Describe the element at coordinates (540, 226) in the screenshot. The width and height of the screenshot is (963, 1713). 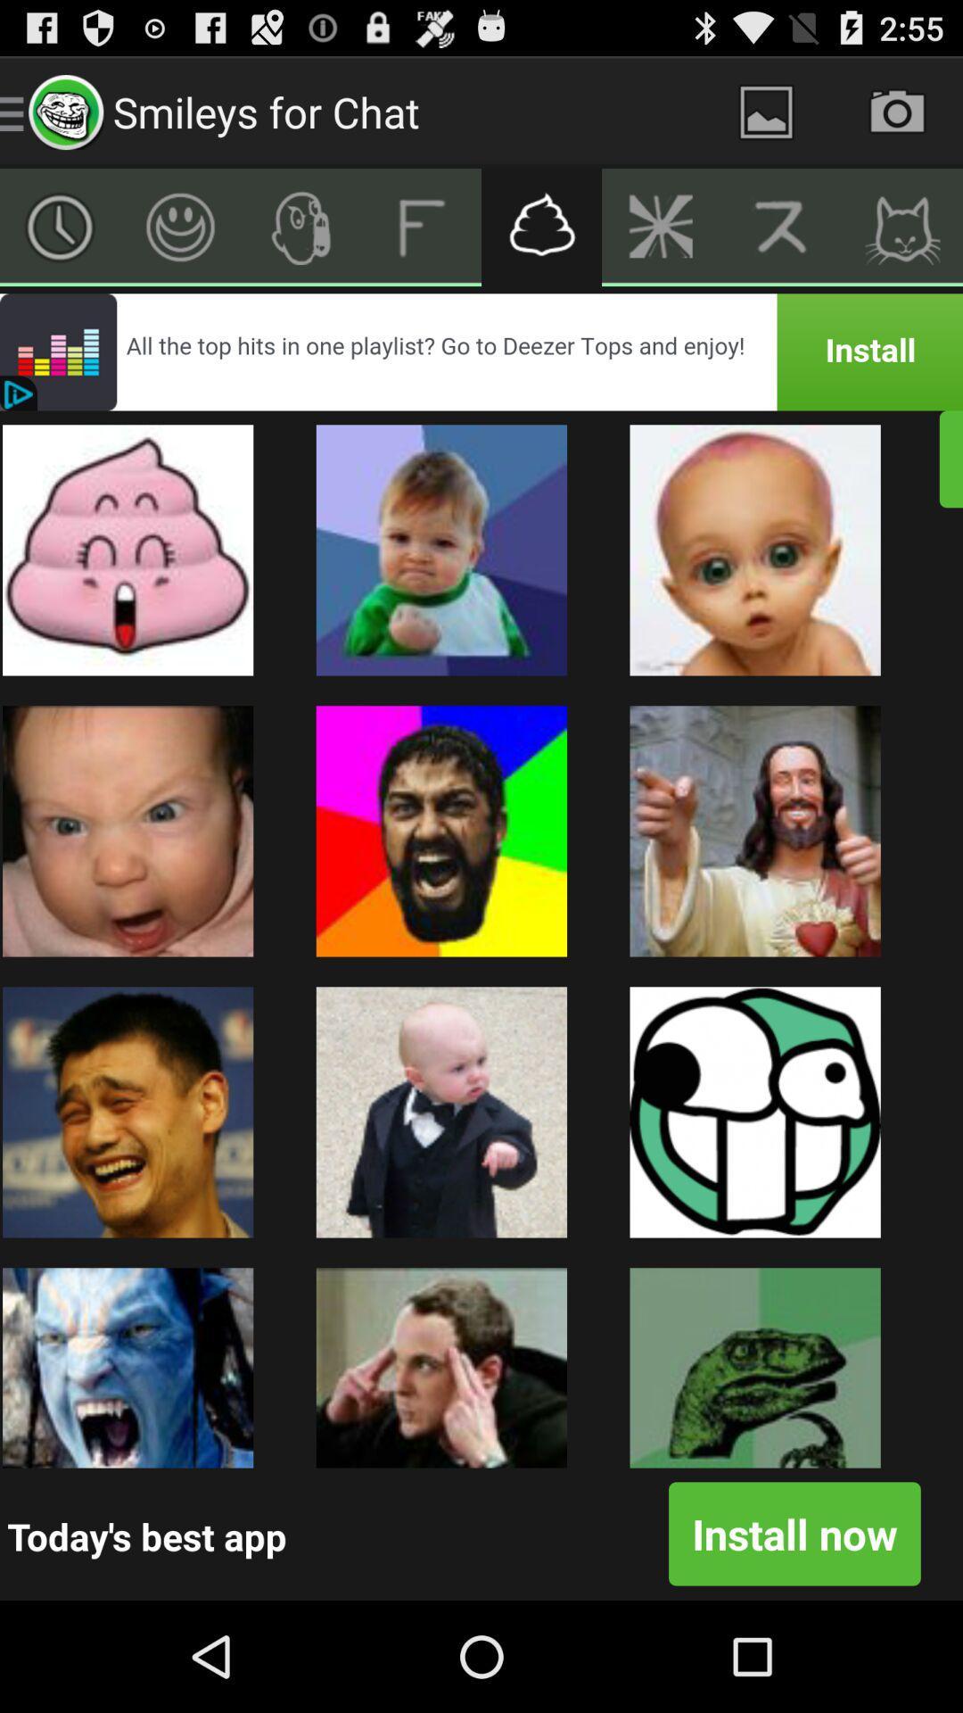
I see `find emojis` at that location.